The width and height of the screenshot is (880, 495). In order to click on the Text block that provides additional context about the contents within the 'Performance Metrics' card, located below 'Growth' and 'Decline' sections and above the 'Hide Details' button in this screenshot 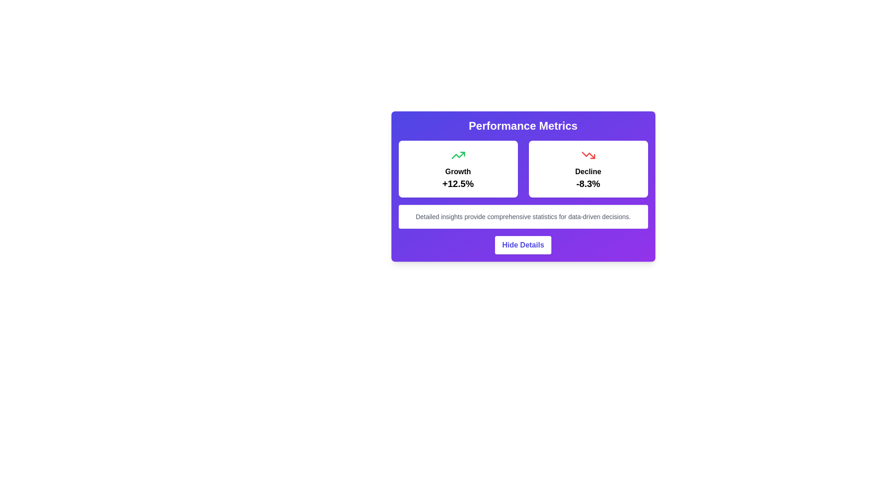, I will do `click(523, 217)`.